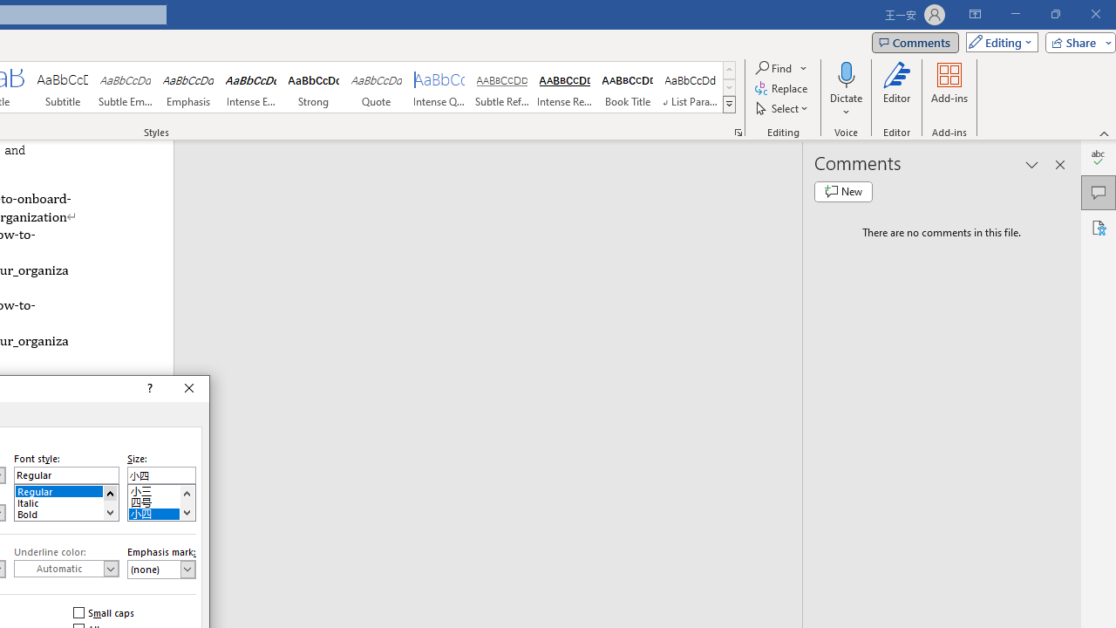  Describe the element at coordinates (187, 502) in the screenshot. I see `'AutomationID: 1797'` at that location.